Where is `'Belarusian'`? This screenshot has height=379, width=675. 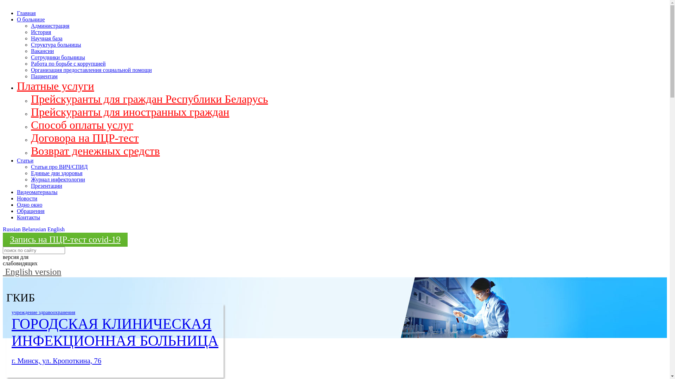
'Belarusian' is located at coordinates (33, 229).